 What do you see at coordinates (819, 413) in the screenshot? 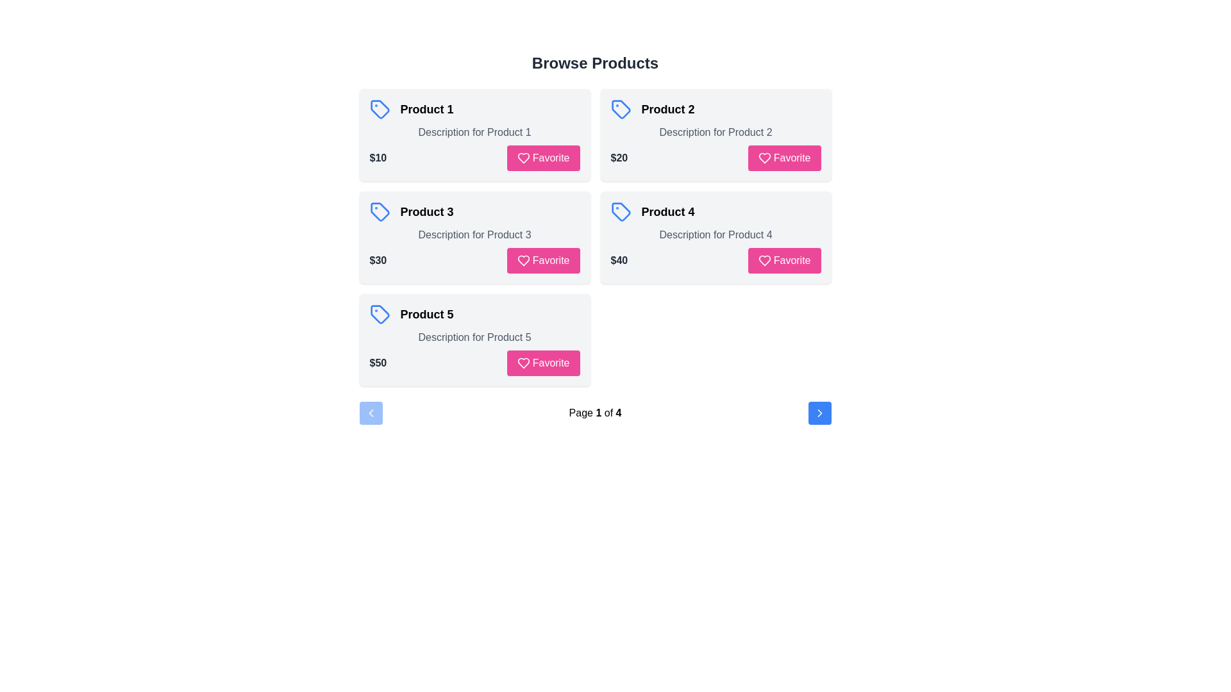
I see `the pagination button located at the bottom-right of the interface` at bounding box center [819, 413].